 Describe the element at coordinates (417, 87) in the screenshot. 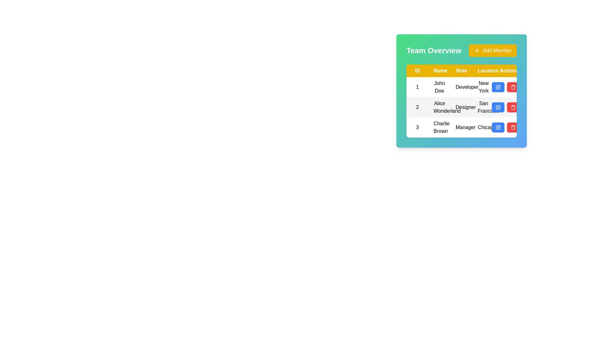

I see `text content from the ID cell located in the first column of the first row of the table, positioned directly under the 'ID' header and next to 'John Doe'` at that location.